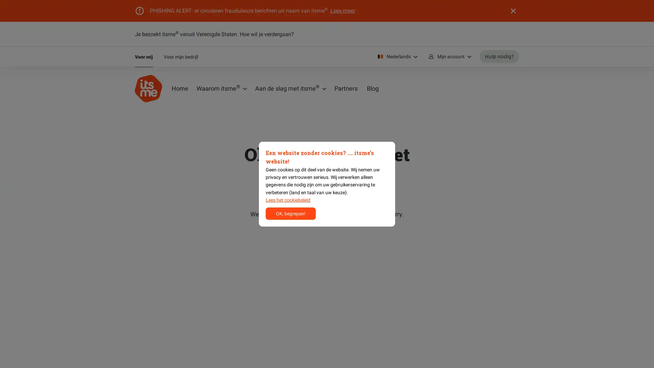 Image resolution: width=654 pixels, height=368 pixels. I want to click on OK, begrepen!, so click(291, 213).